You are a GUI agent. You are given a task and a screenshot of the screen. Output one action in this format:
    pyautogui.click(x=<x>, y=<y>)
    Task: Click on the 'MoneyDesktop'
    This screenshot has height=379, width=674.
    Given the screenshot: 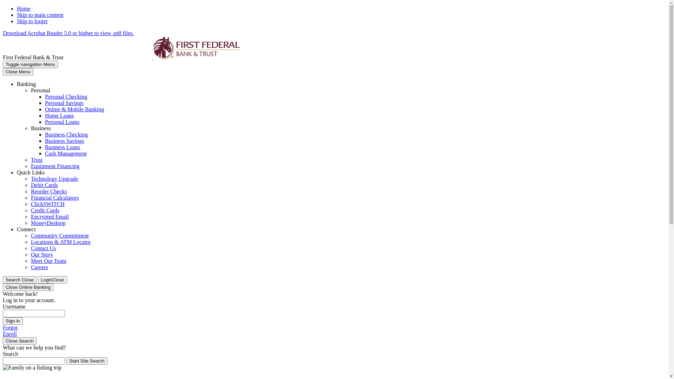 What is the action you would take?
    pyautogui.click(x=48, y=223)
    